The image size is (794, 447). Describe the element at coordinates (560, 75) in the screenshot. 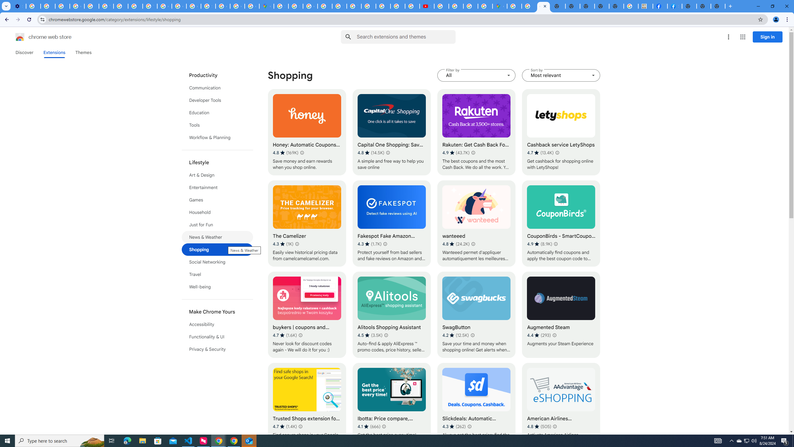

I see `'Sort by Most relevant'` at that location.